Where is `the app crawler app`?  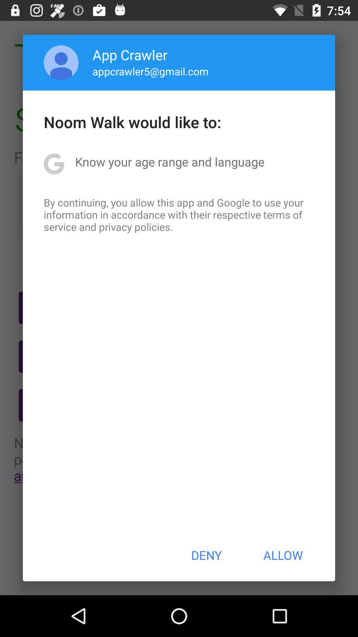 the app crawler app is located at coordinates (130, 54).